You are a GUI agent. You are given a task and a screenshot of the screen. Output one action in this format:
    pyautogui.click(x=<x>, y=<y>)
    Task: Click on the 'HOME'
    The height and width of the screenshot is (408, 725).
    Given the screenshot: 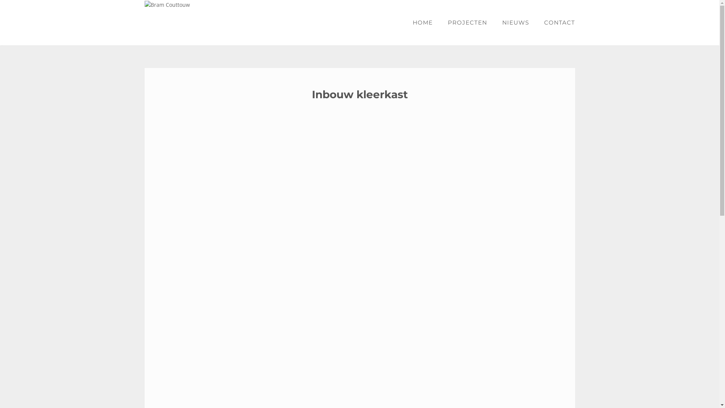 What is the action you would take?
    pyautogui.click(x=422, y=22)
    